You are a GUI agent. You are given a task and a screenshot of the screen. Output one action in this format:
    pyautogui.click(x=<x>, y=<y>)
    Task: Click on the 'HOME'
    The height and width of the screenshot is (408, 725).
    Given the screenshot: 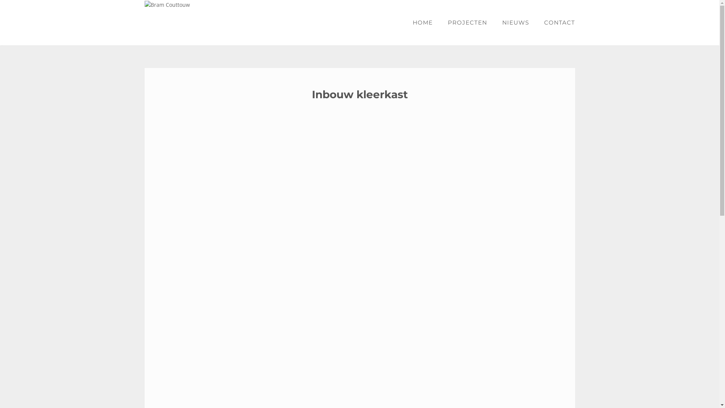 What is the action you would take?
    pyautogui.click(x=422, y=22)
    